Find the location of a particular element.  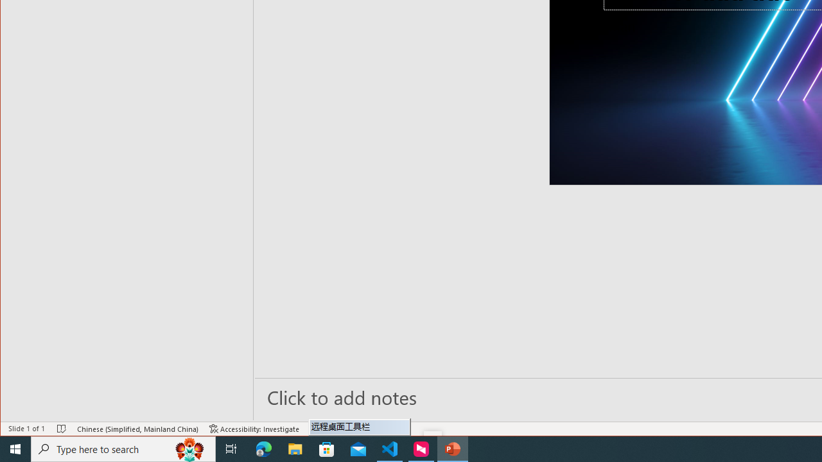

'Microsoft Edge' is located at coordinates (263, 448).